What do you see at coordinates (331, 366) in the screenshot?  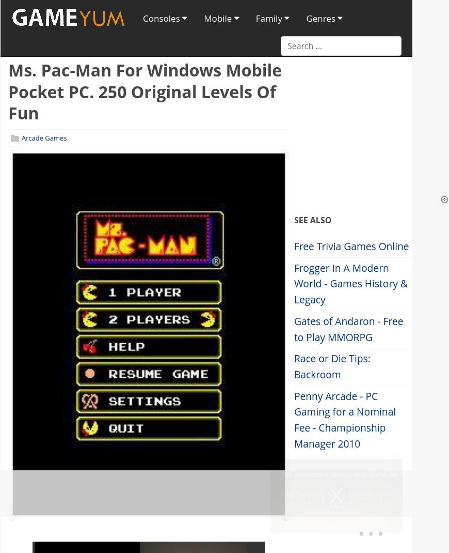 I see `'Race or Die Tips: Backroom'` at bounding box center [331, 366].